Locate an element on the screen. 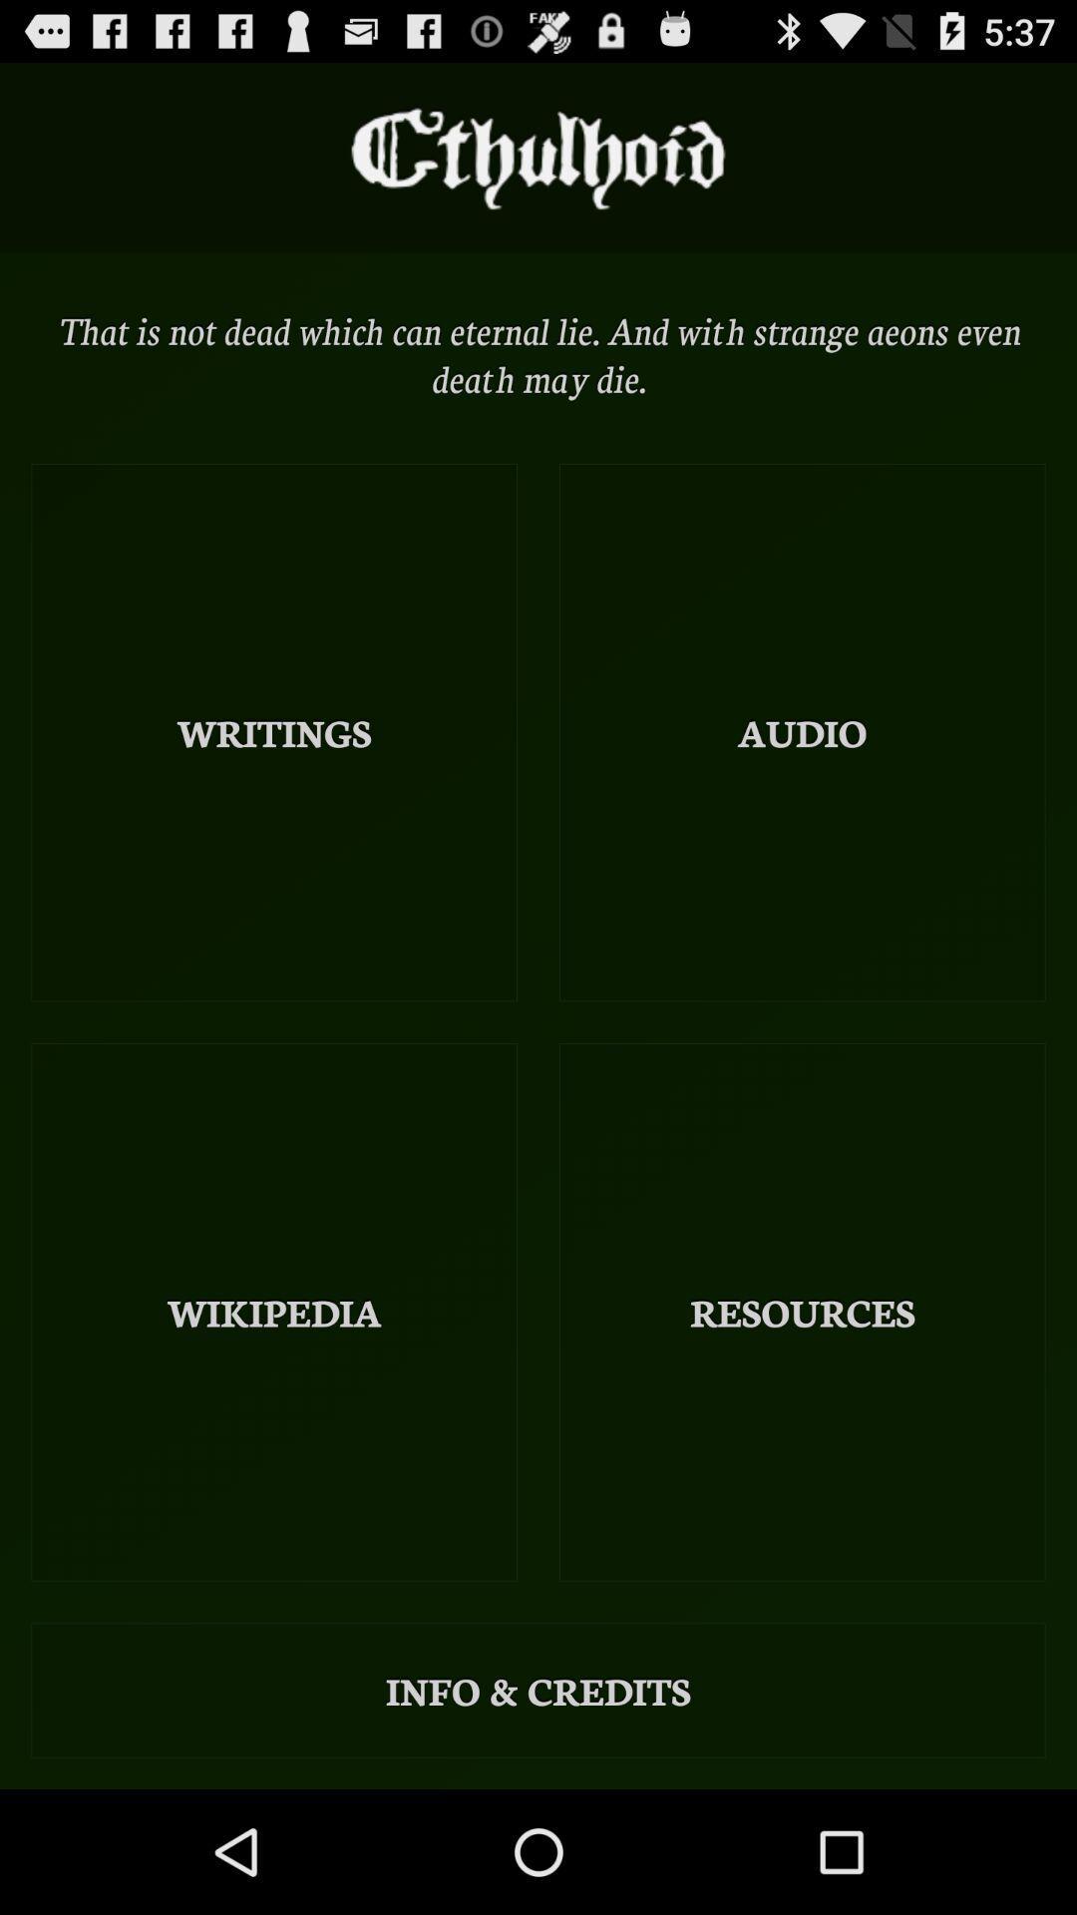 The image size is (1077, 1915). the audio on the right is located at coordinates (801, 731).